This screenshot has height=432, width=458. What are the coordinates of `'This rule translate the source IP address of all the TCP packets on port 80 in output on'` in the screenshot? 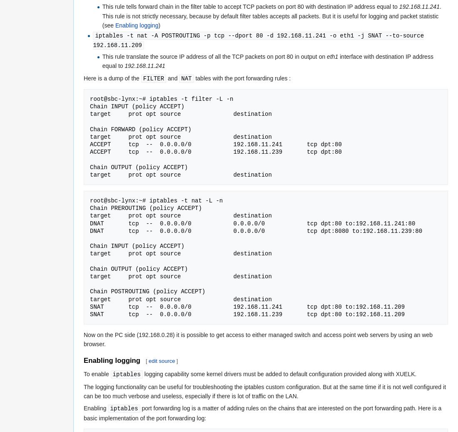 It's located at (214, 56).